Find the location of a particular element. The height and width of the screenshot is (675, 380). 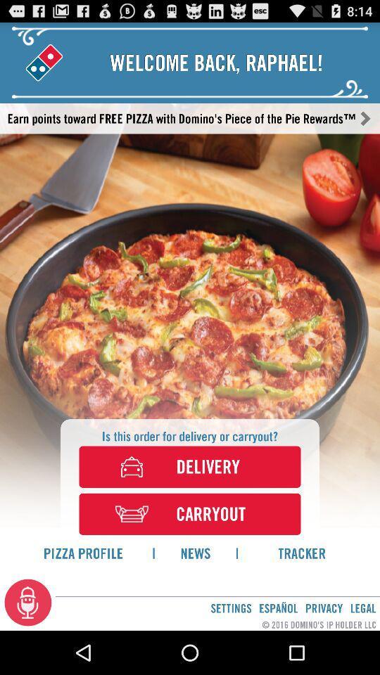

pizza profile icon is located at coordinates (83, 553).